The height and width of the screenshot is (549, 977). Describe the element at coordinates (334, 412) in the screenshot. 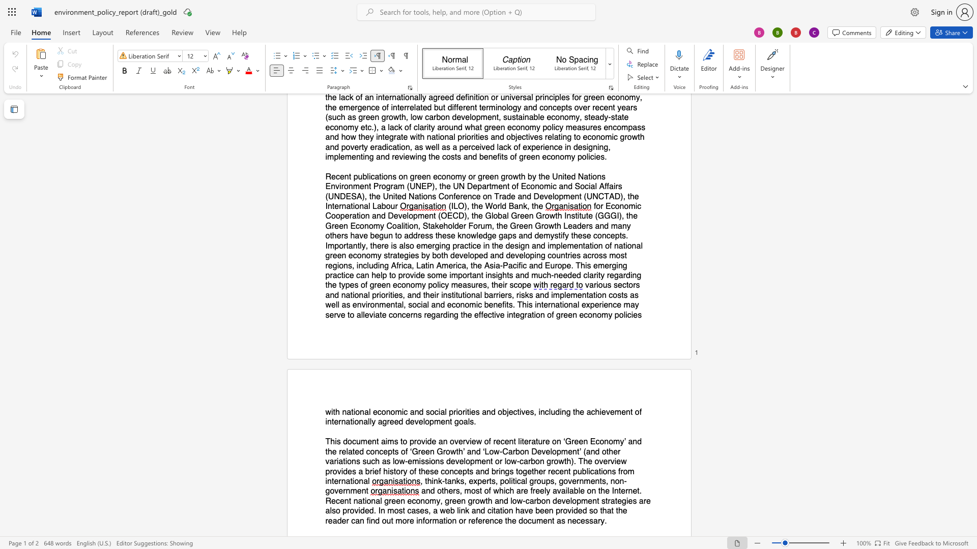

I see `the 1th character "t" in the text` at that location.